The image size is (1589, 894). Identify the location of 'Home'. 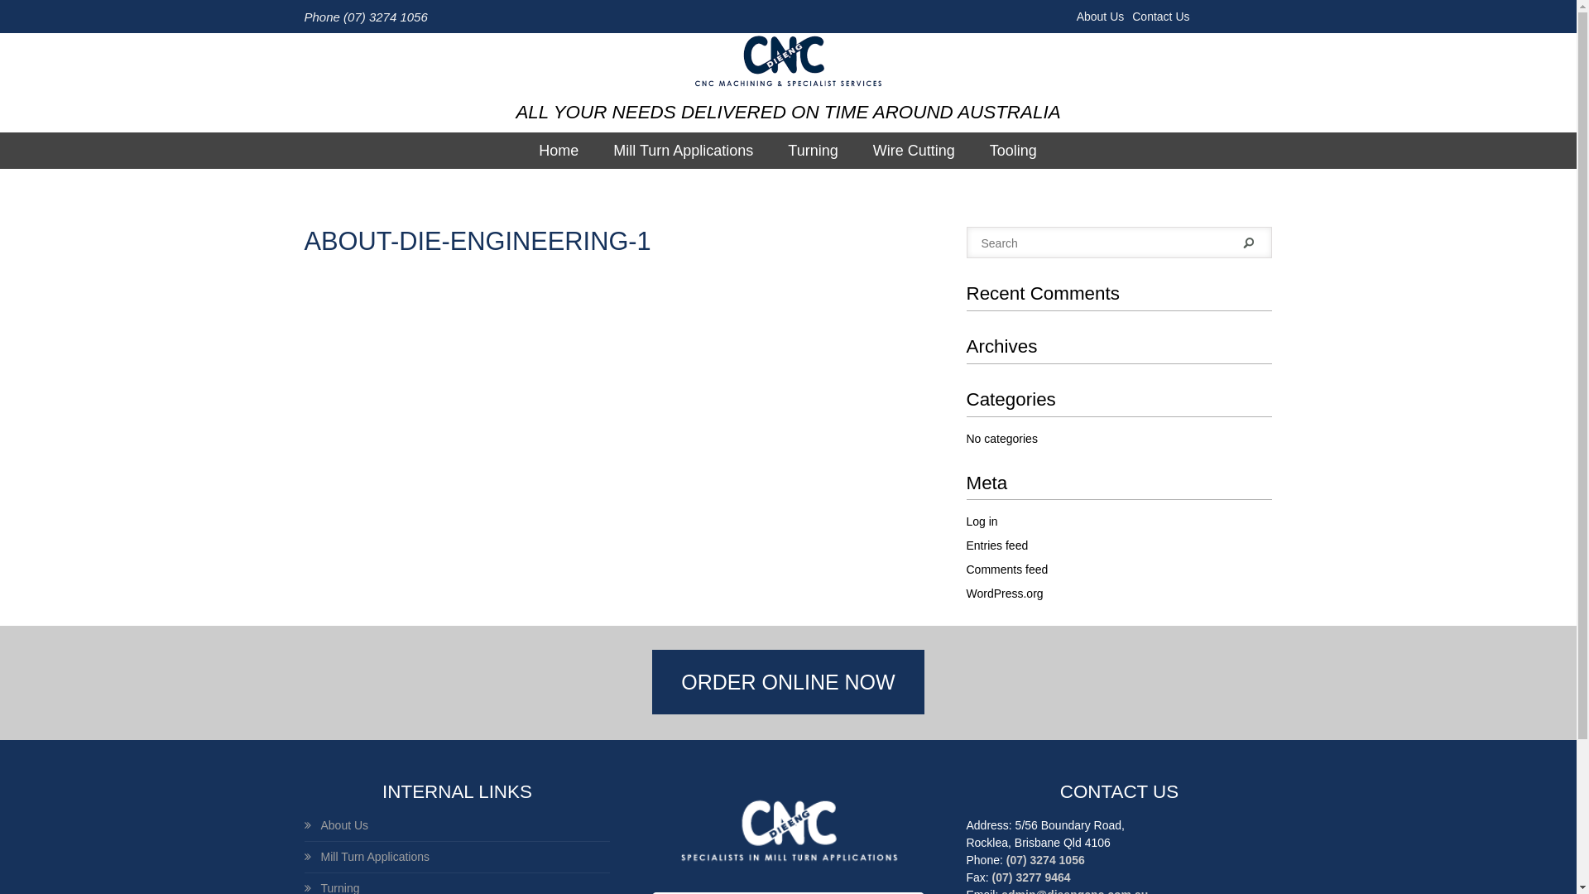
(521, 150).